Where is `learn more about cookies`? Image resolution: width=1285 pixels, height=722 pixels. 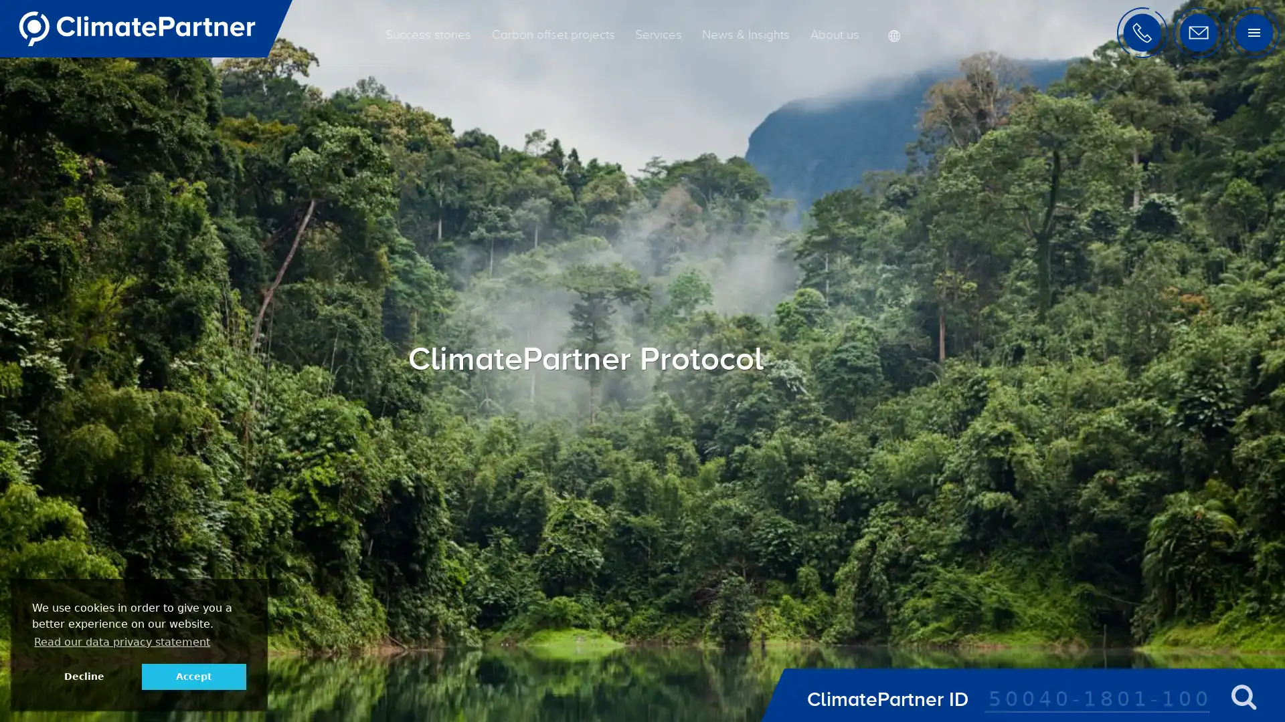 learn more about cookies is located at coordinates (122, 641).